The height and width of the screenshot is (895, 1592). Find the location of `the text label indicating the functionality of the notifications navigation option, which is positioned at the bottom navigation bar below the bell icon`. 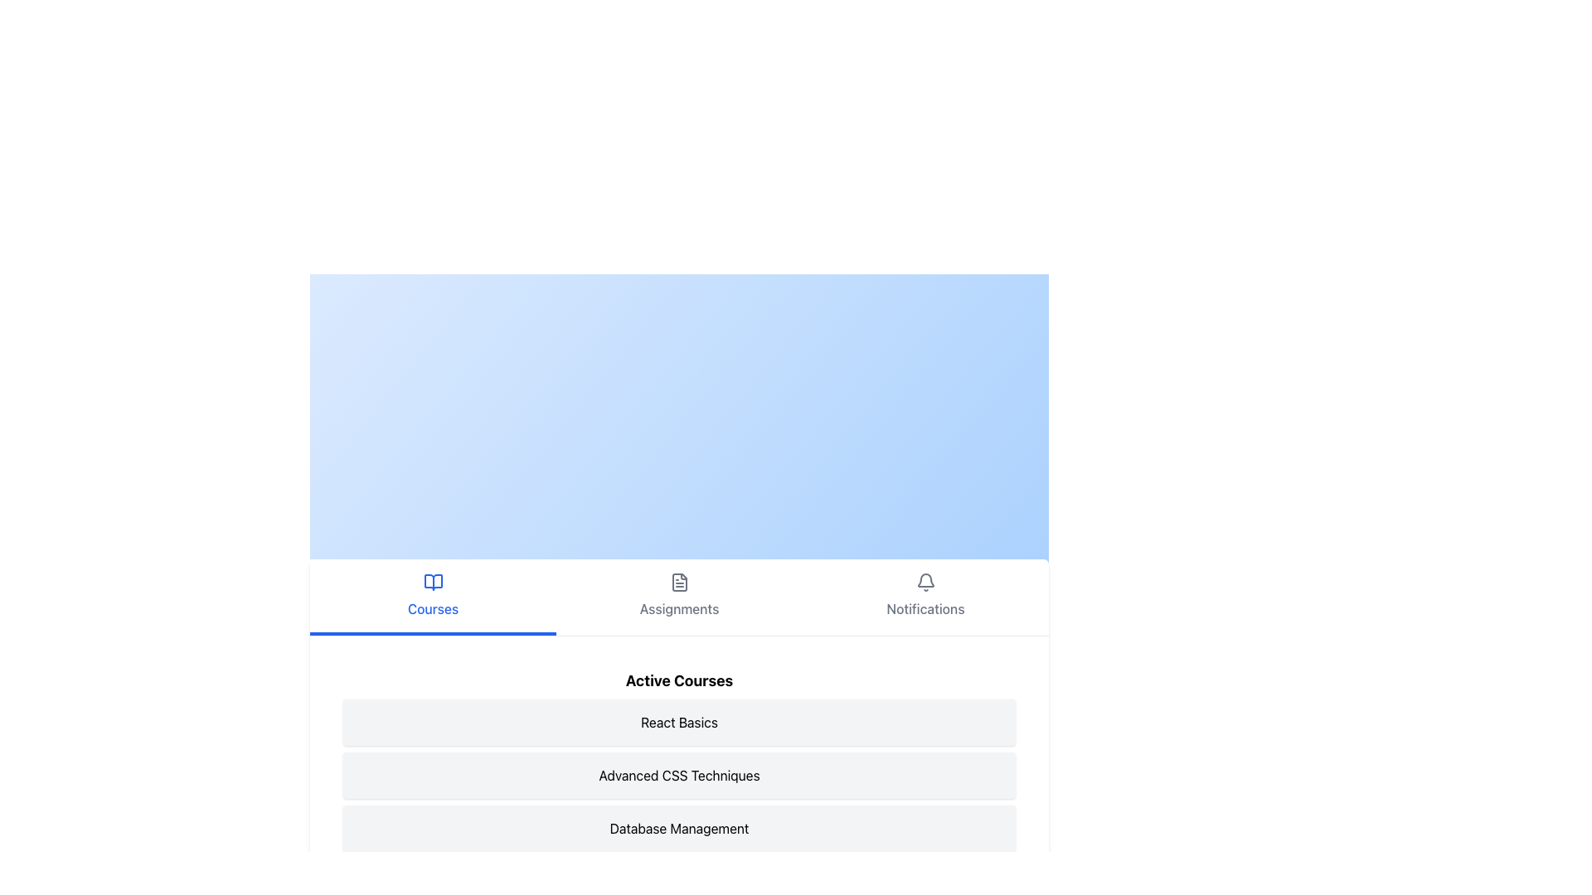

the text label indicating the functionality of the notifications navigation option, which is positioned at the bottom navigation bar below the bell icon is located at coordinates (925, 608).